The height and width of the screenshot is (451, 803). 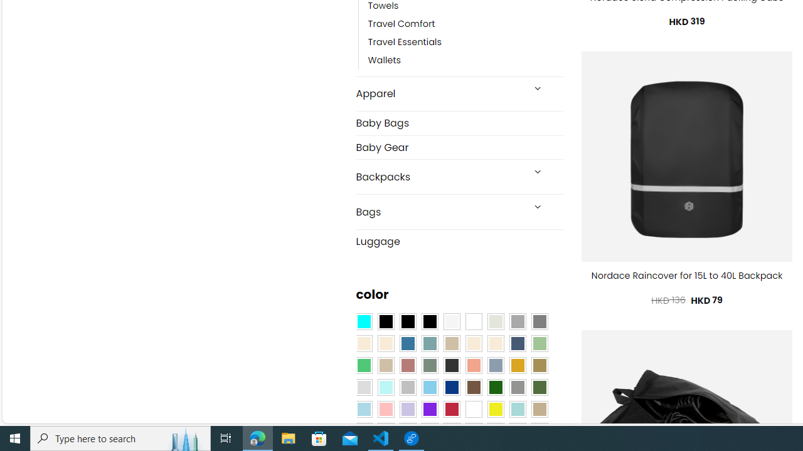 I want to click on 'Silver', so click(x=408, y=387).